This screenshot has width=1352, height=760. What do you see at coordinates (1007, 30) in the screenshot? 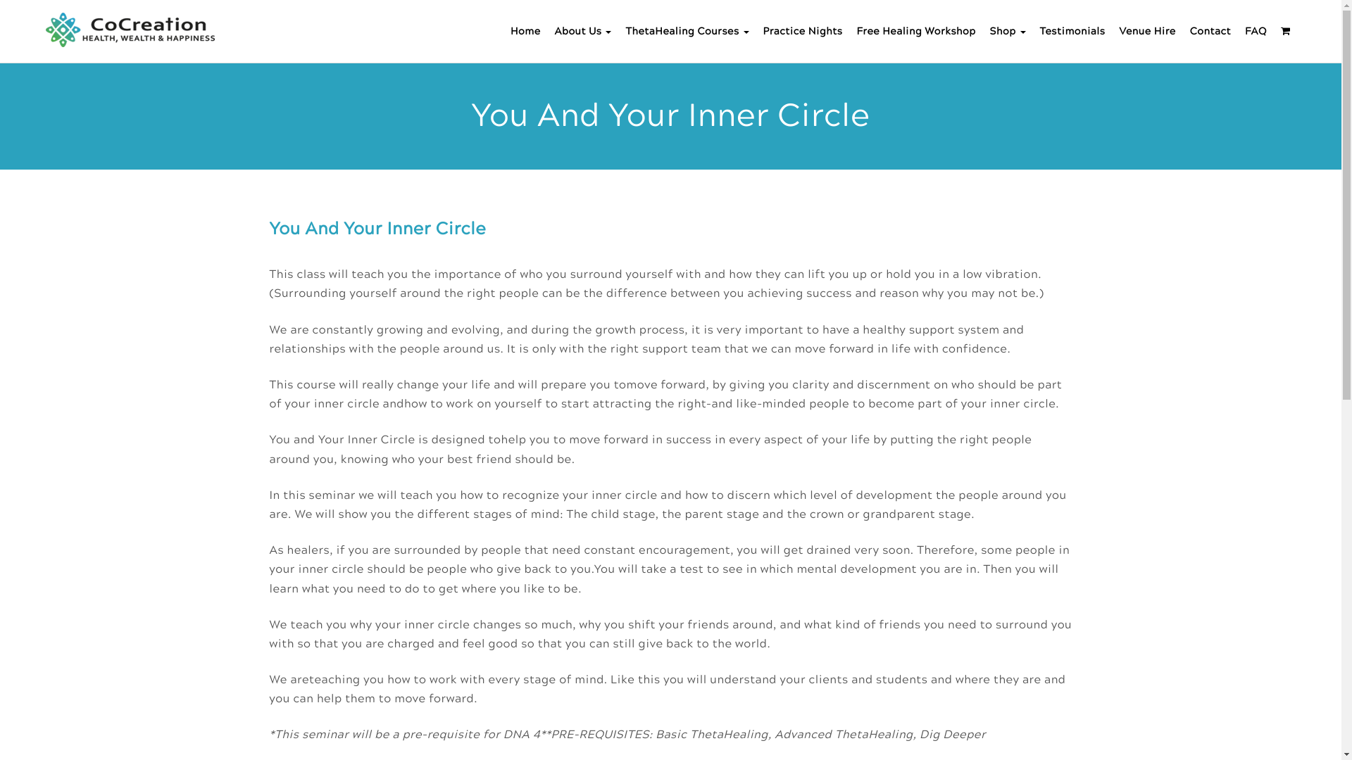
I see `'Shop'` at bounding box center [1007, 30].